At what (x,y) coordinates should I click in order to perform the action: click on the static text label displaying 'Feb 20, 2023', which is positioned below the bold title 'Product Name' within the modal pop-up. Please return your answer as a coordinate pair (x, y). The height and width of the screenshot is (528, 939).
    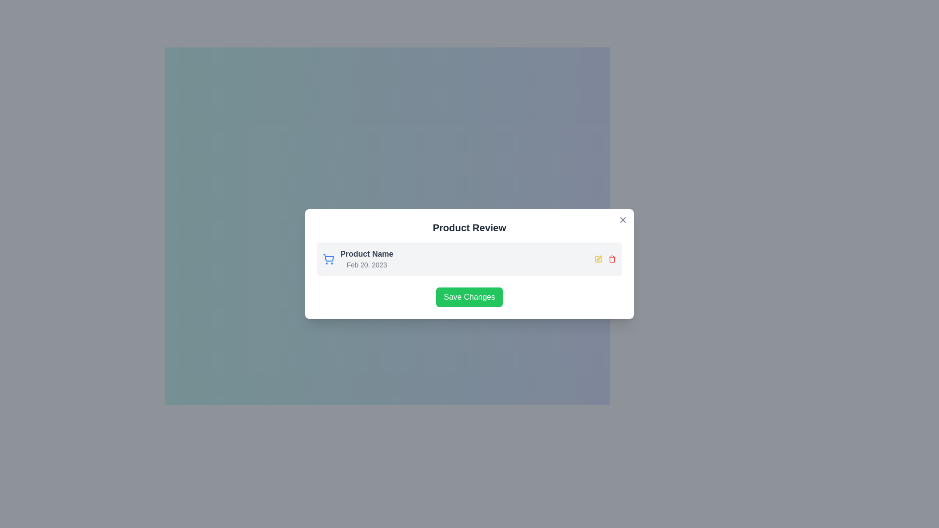
    Looking at the image, I should click on (366, 265).